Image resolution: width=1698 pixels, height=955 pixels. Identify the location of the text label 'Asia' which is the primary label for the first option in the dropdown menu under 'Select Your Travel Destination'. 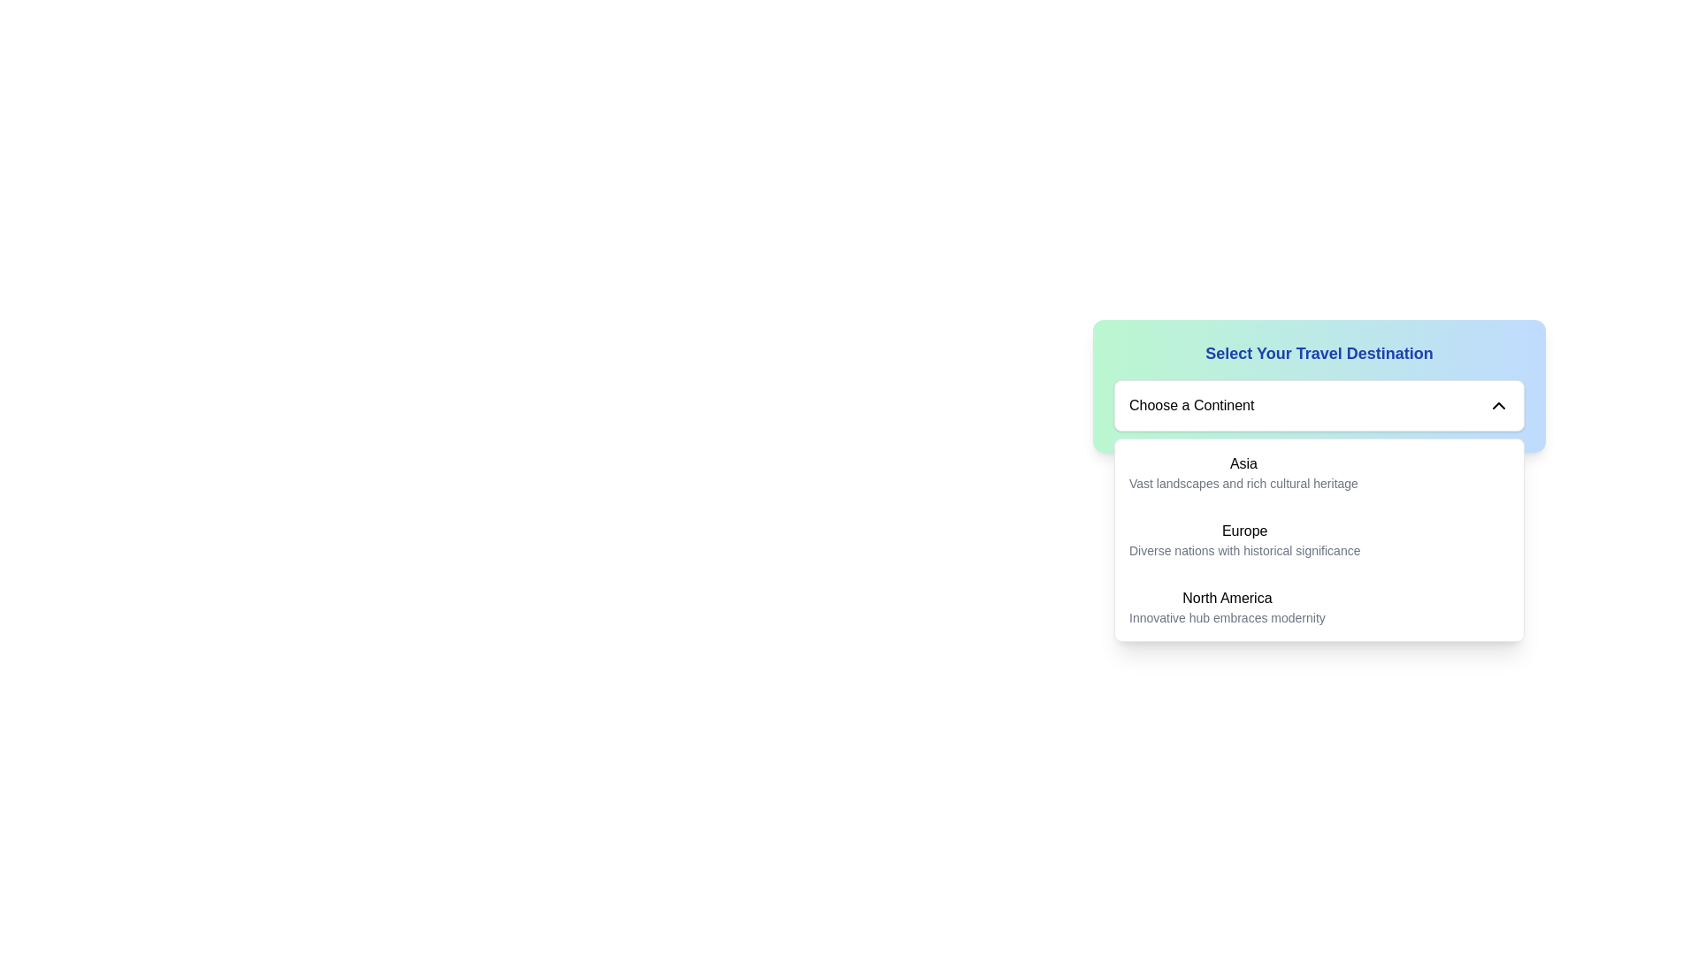
(1243, 462).